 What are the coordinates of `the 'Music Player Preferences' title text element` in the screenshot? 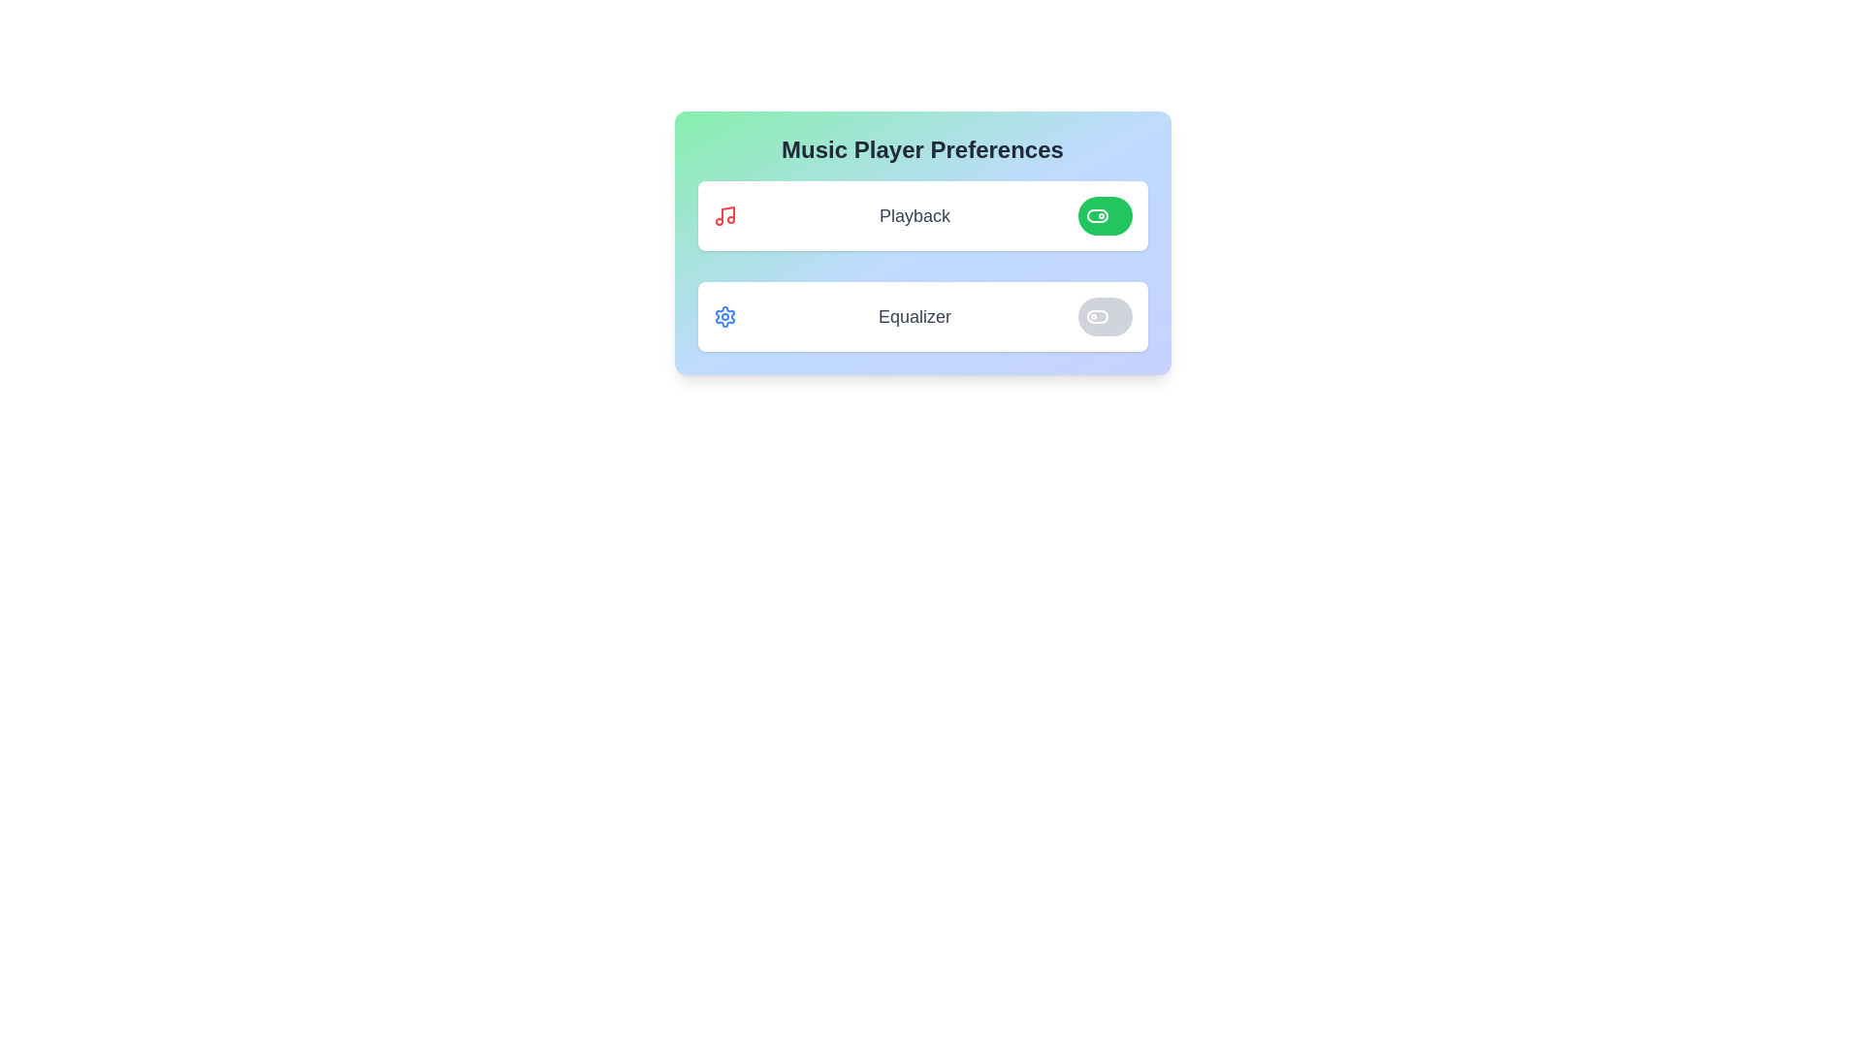 It's located at (921, 148).